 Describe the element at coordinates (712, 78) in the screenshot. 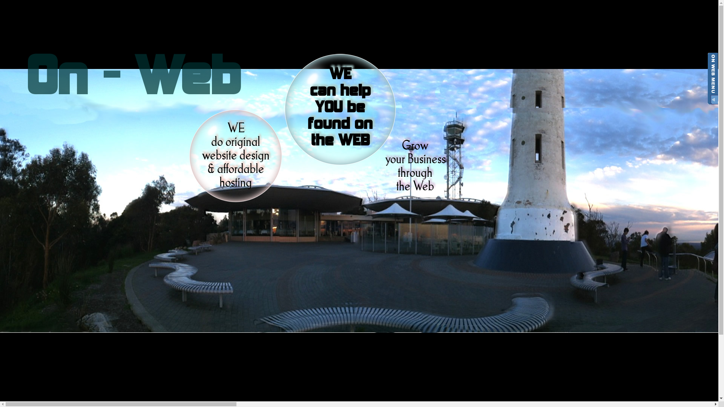

I see `'sideBar'` at that location.